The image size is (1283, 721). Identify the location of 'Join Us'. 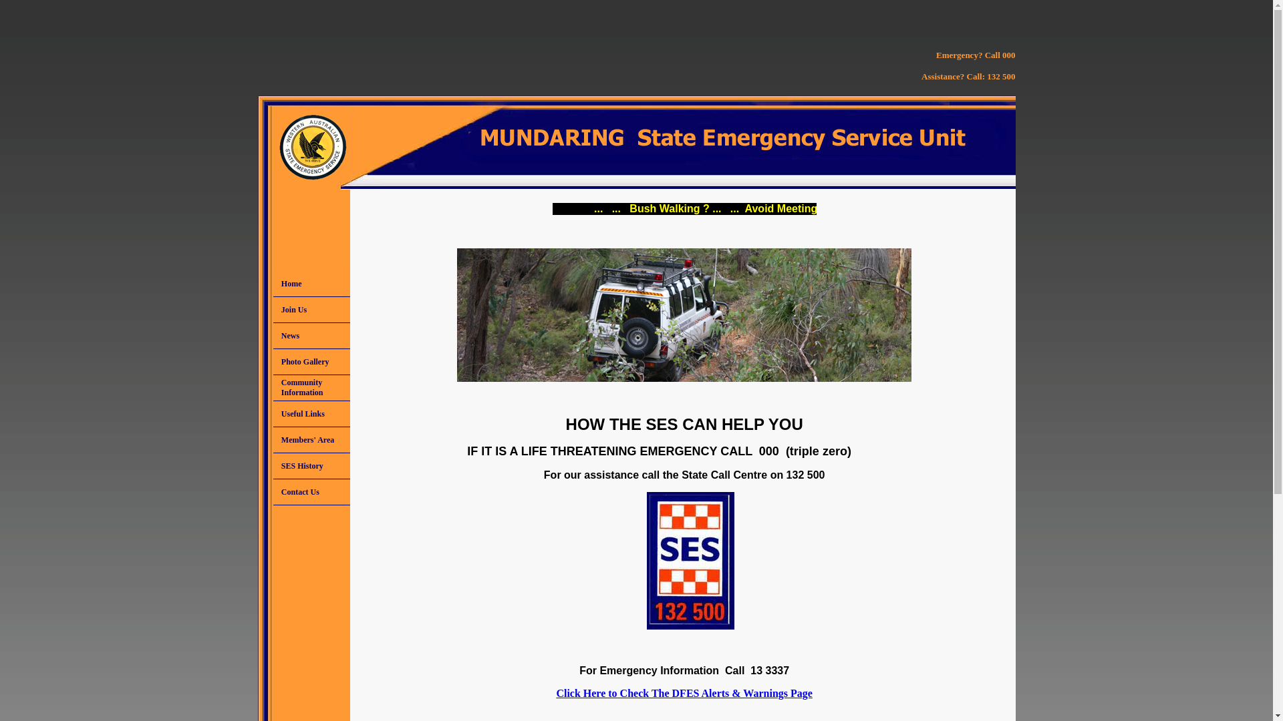
(272, 309).